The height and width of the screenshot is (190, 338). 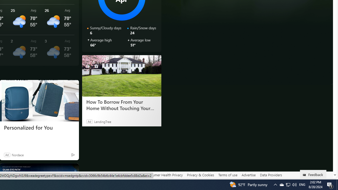 I want to click on 'Advertise', so click(x=248, y=175).